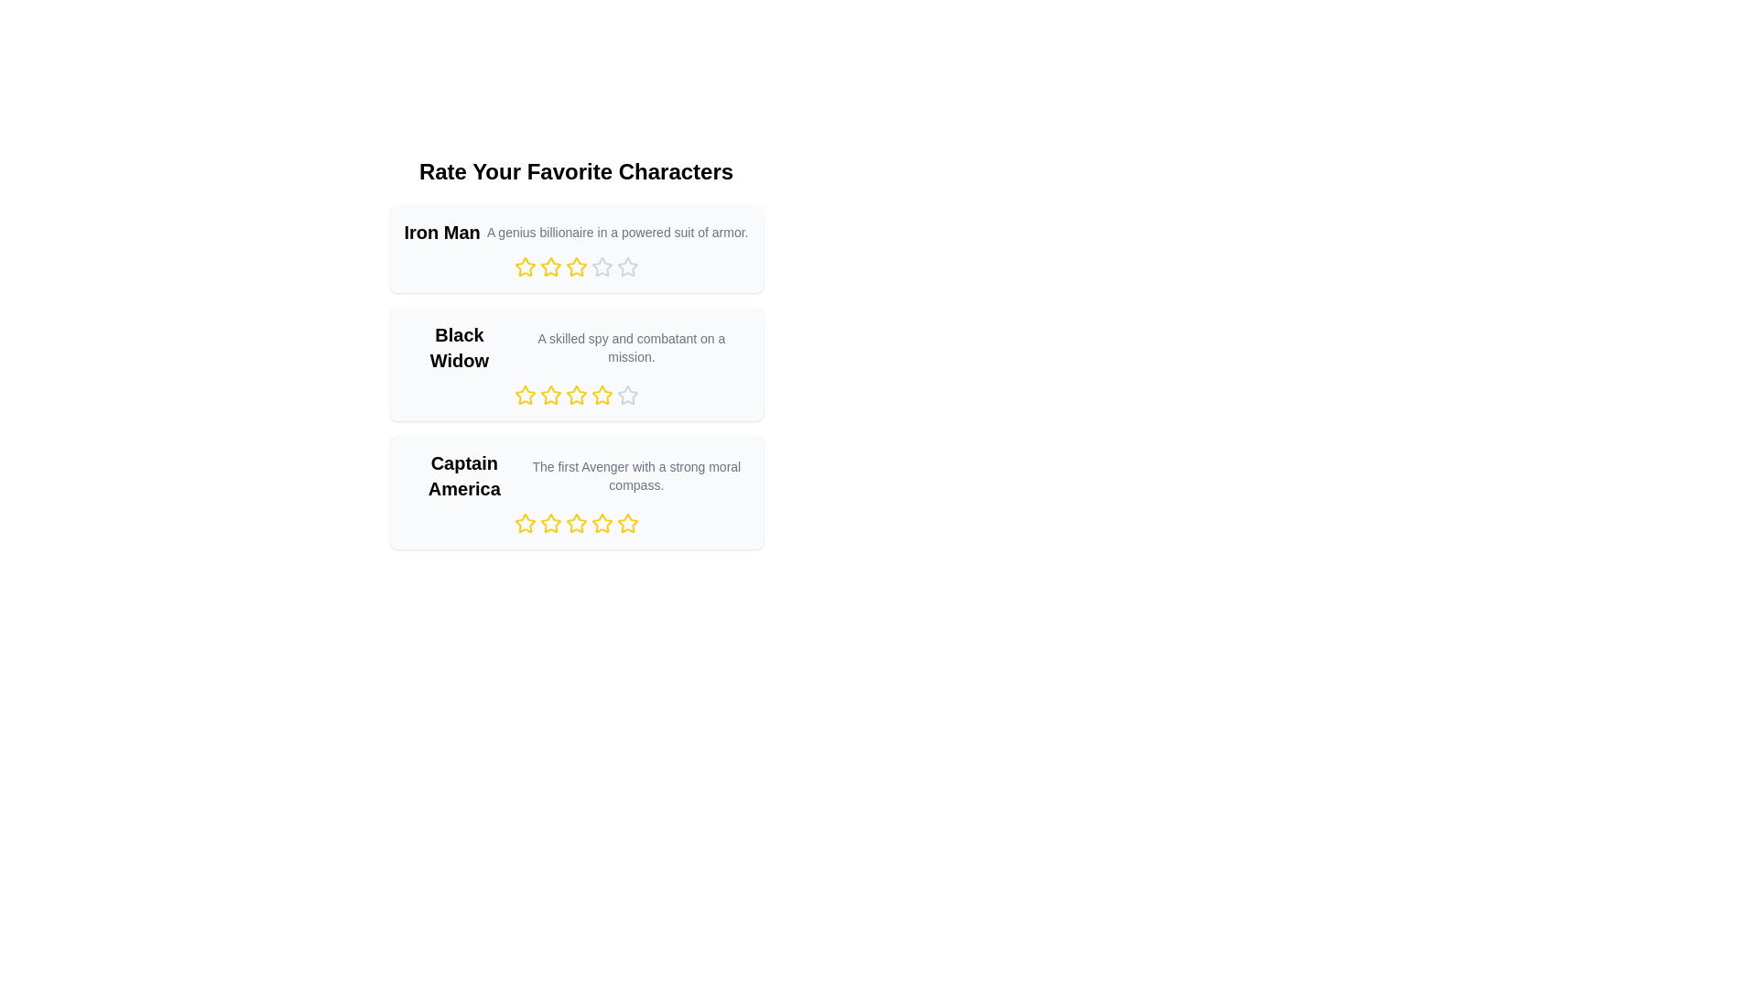  Describe the element at coordinates (549, 395) in the screenshot. I see `the second interactive rating star located under the 'Black Widow' section to indicate a rating value` at that location.